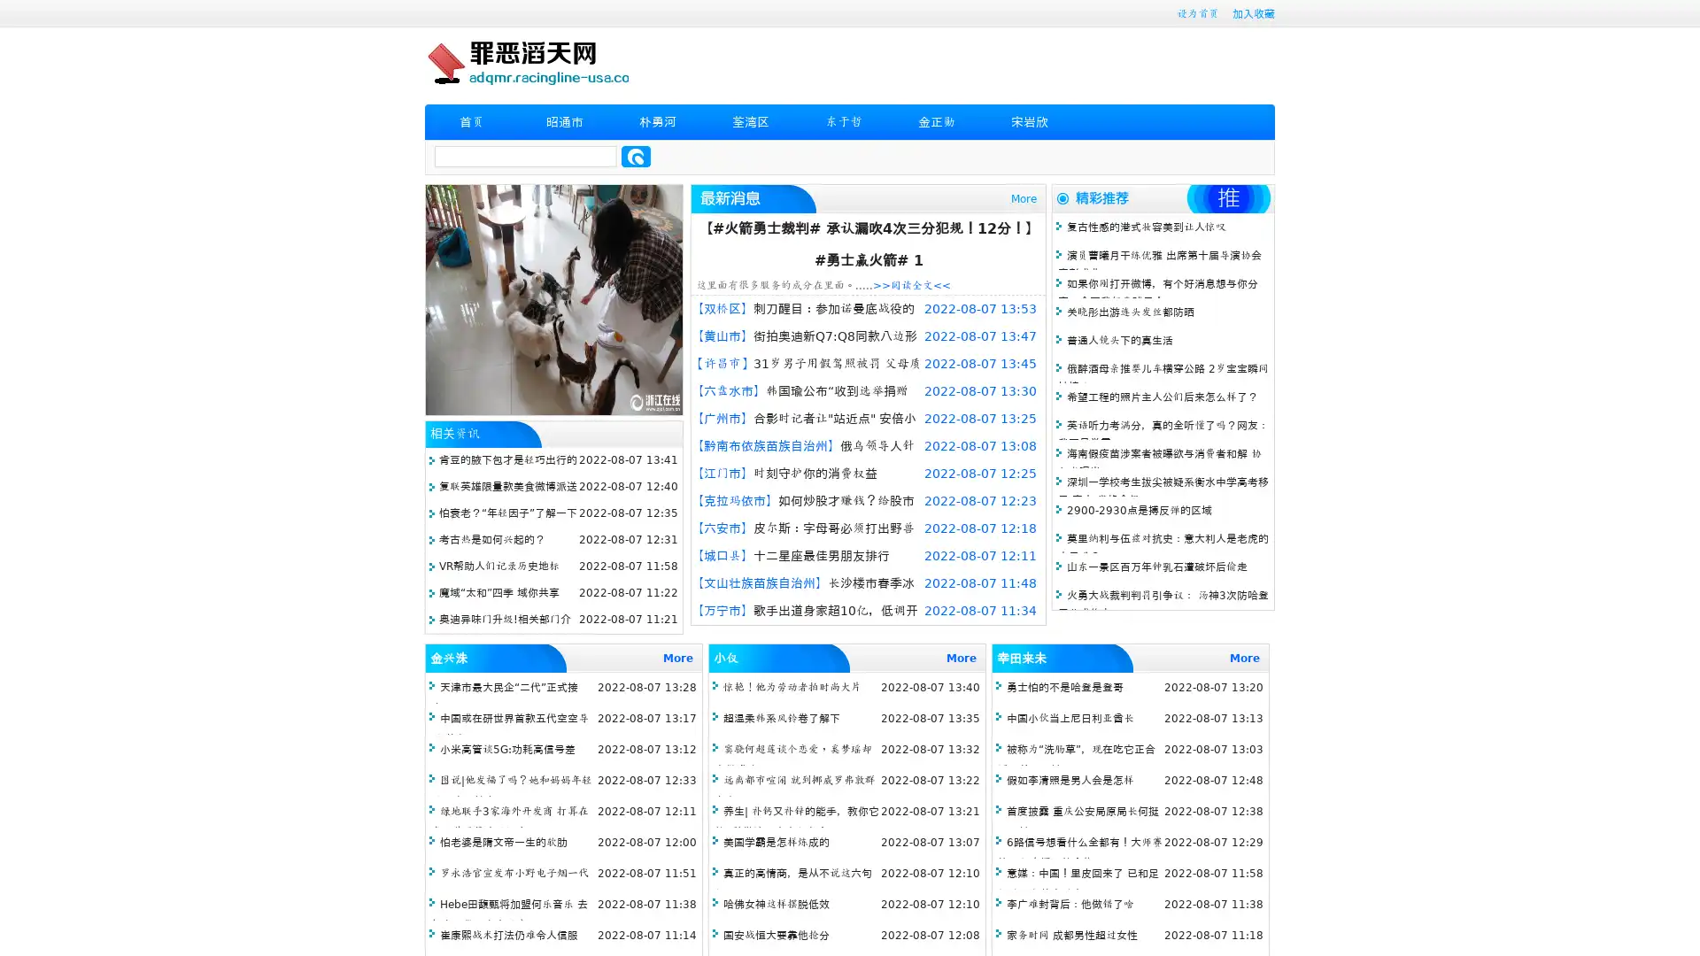  What do you see at coordinates (636, 156) in the screenshot?
I see `Search` at bounding box center [636, 156].